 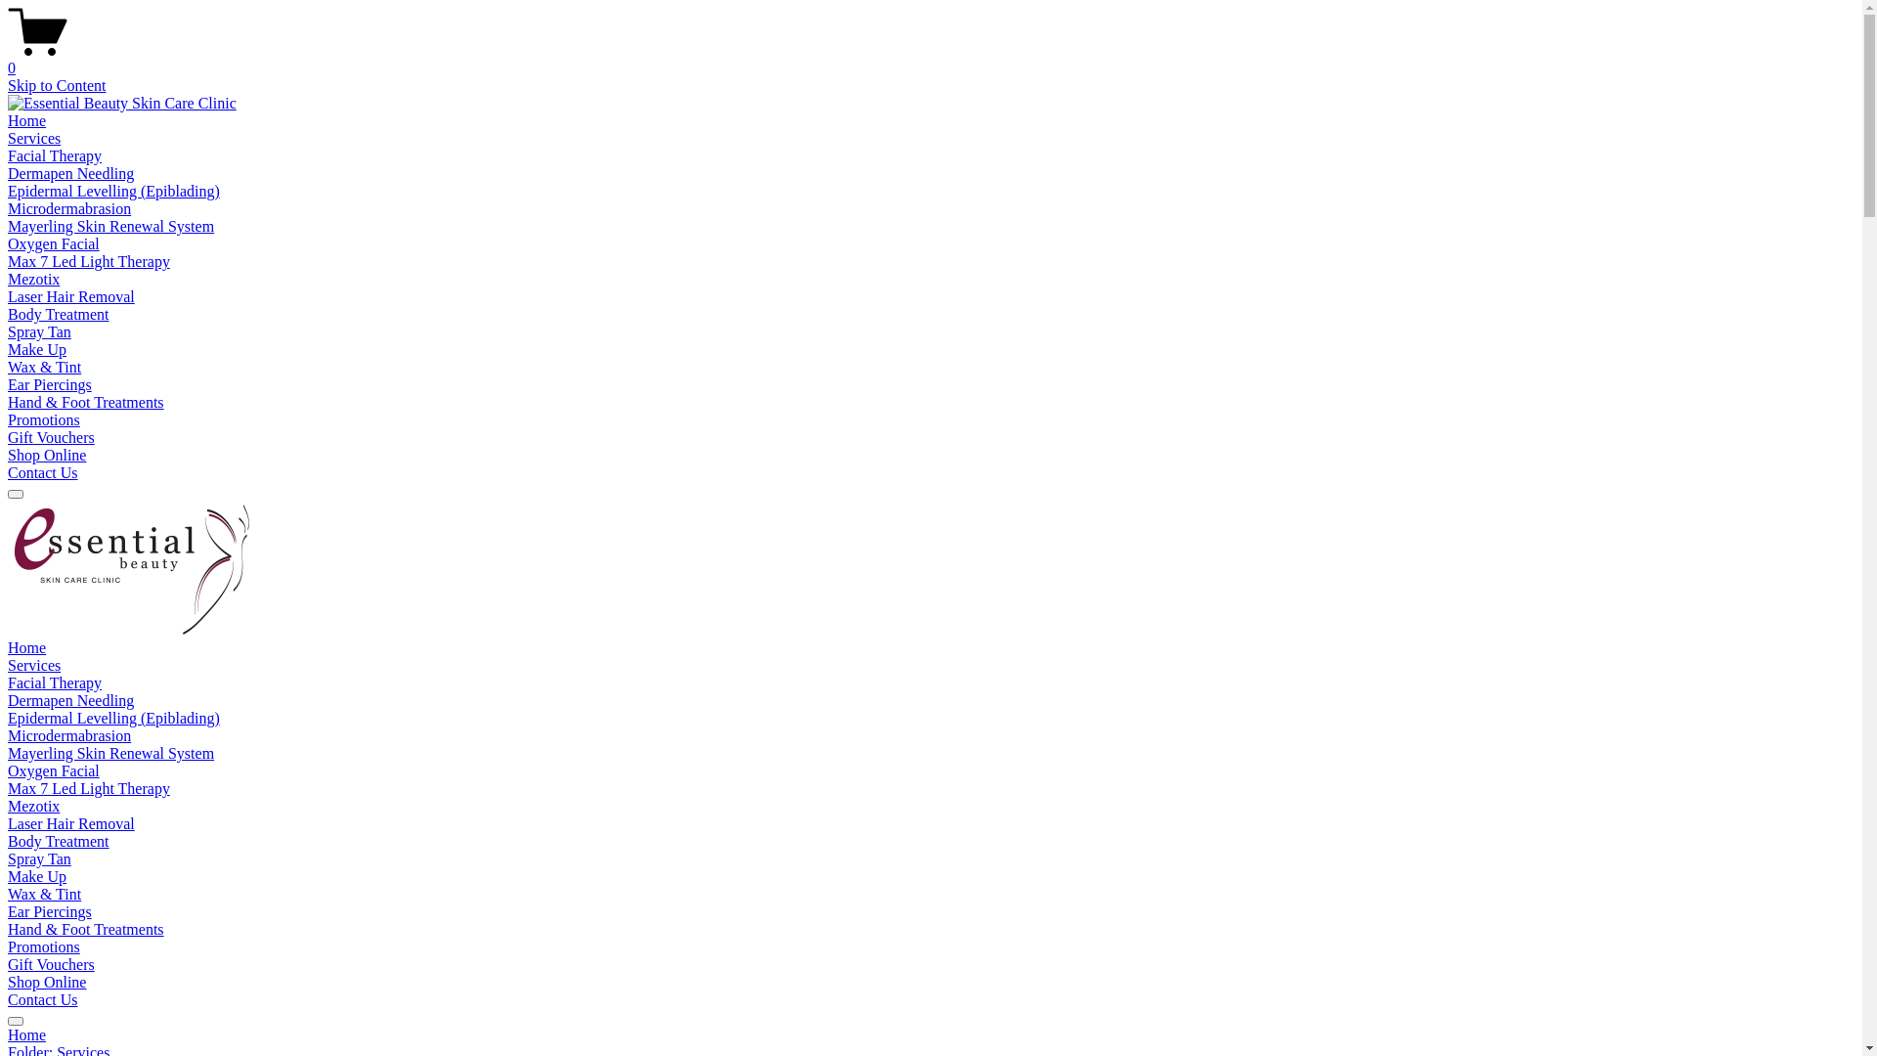 I want to click on 'Mezotix', so click(x=33, y=806).